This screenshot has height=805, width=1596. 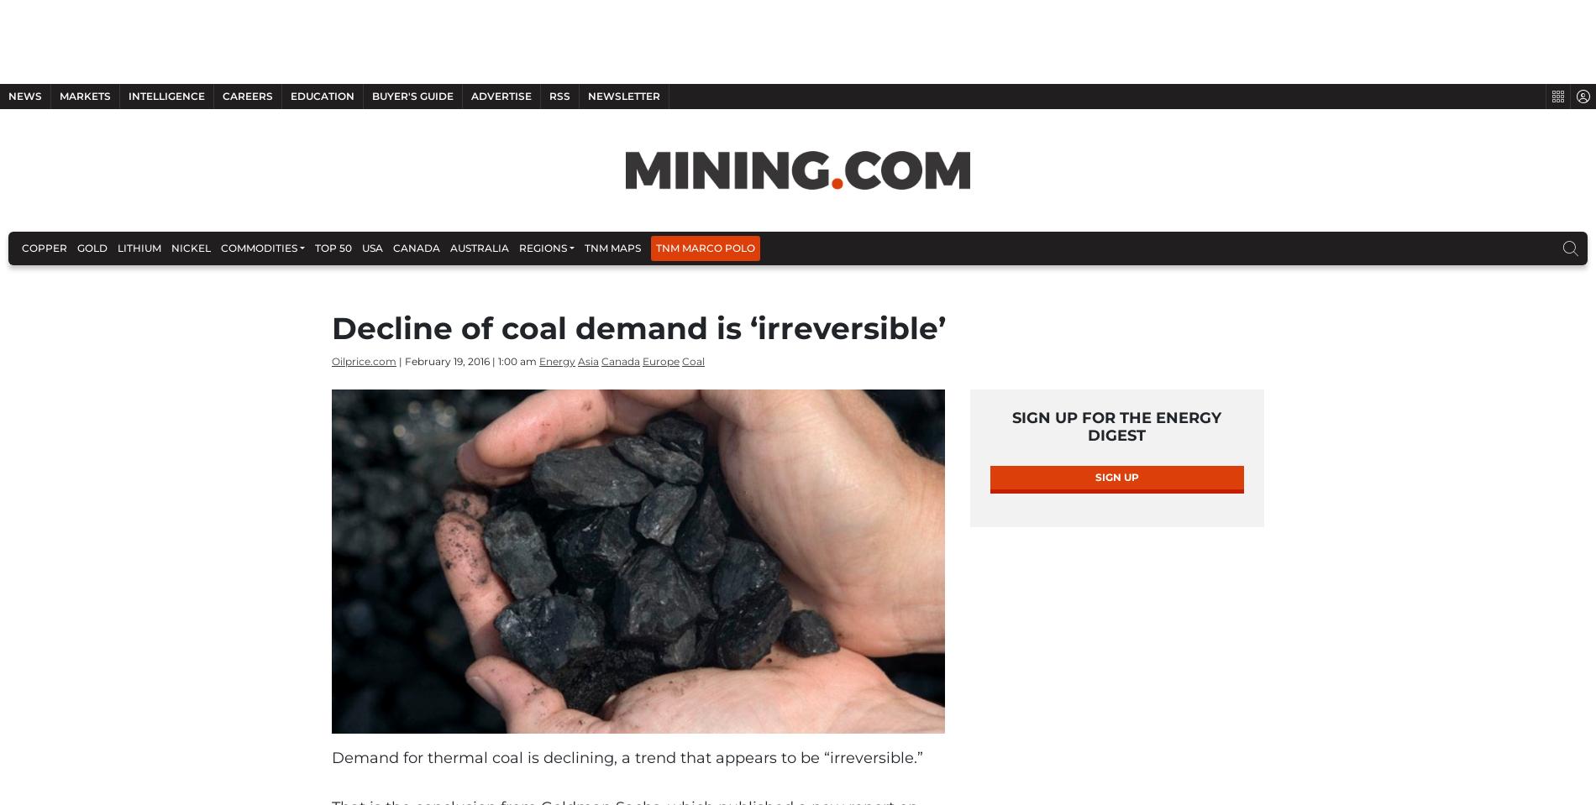 I want to click on 'Careers', so click(x=247, y=96).